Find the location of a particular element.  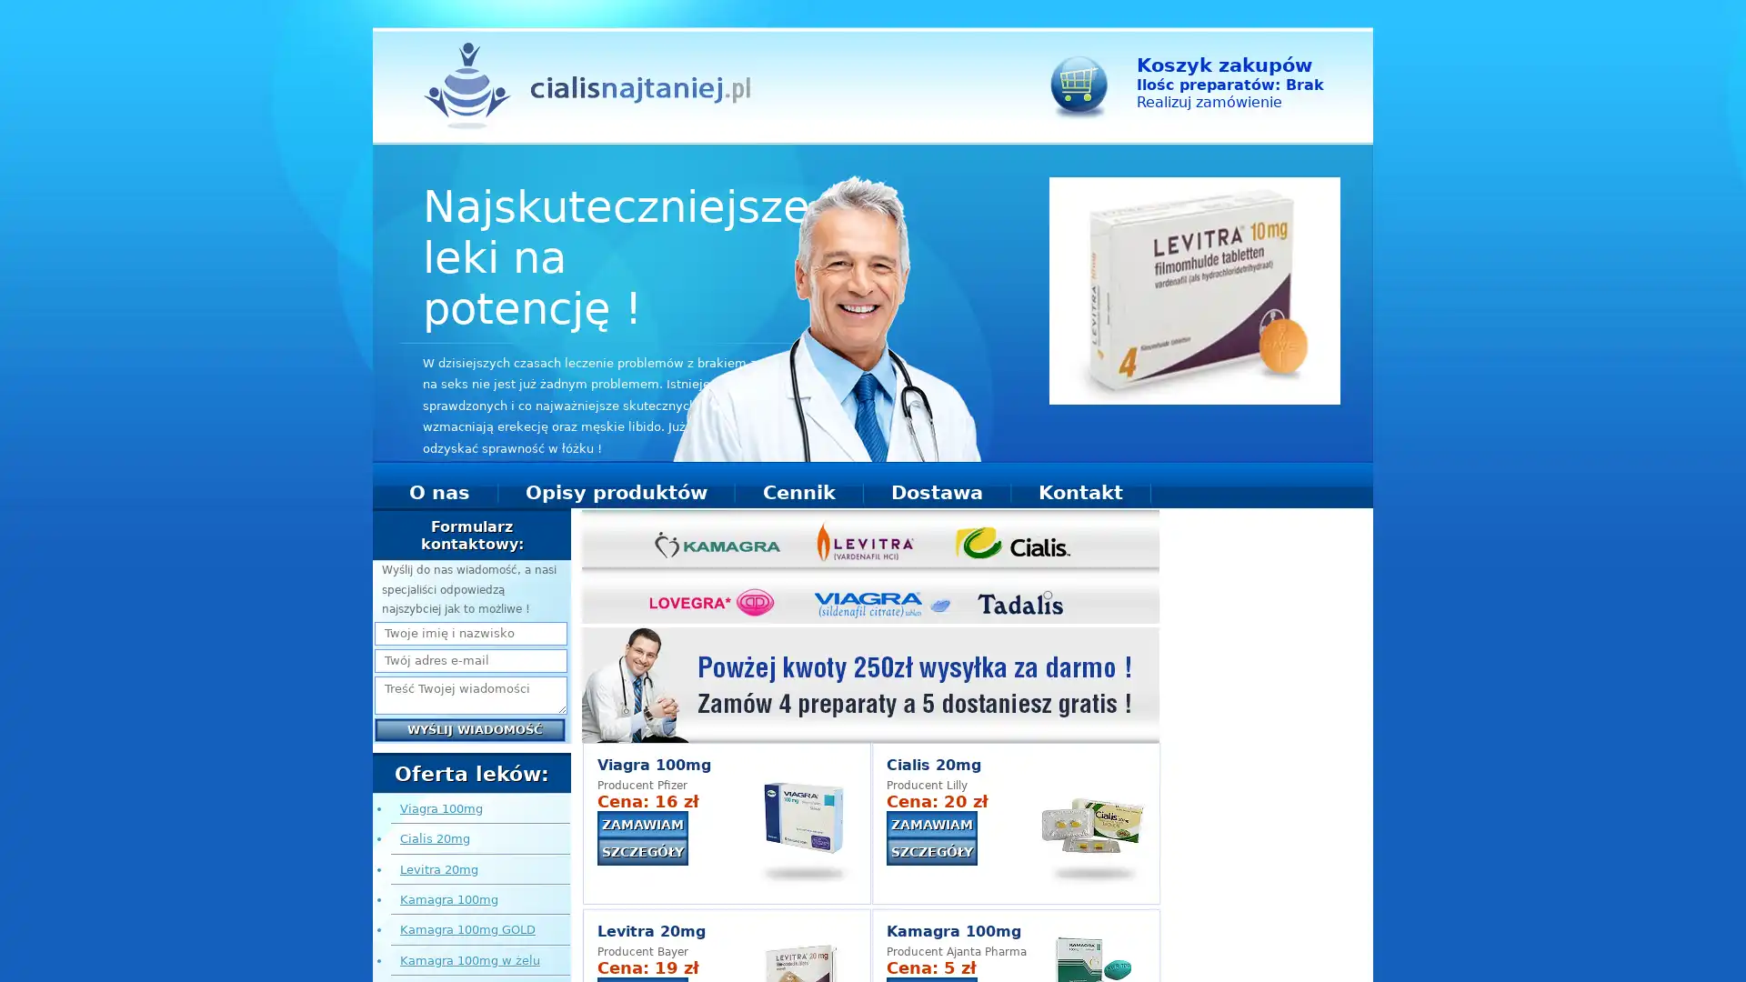

Wyslij wiadomosc is located at coordinates (470, 728).